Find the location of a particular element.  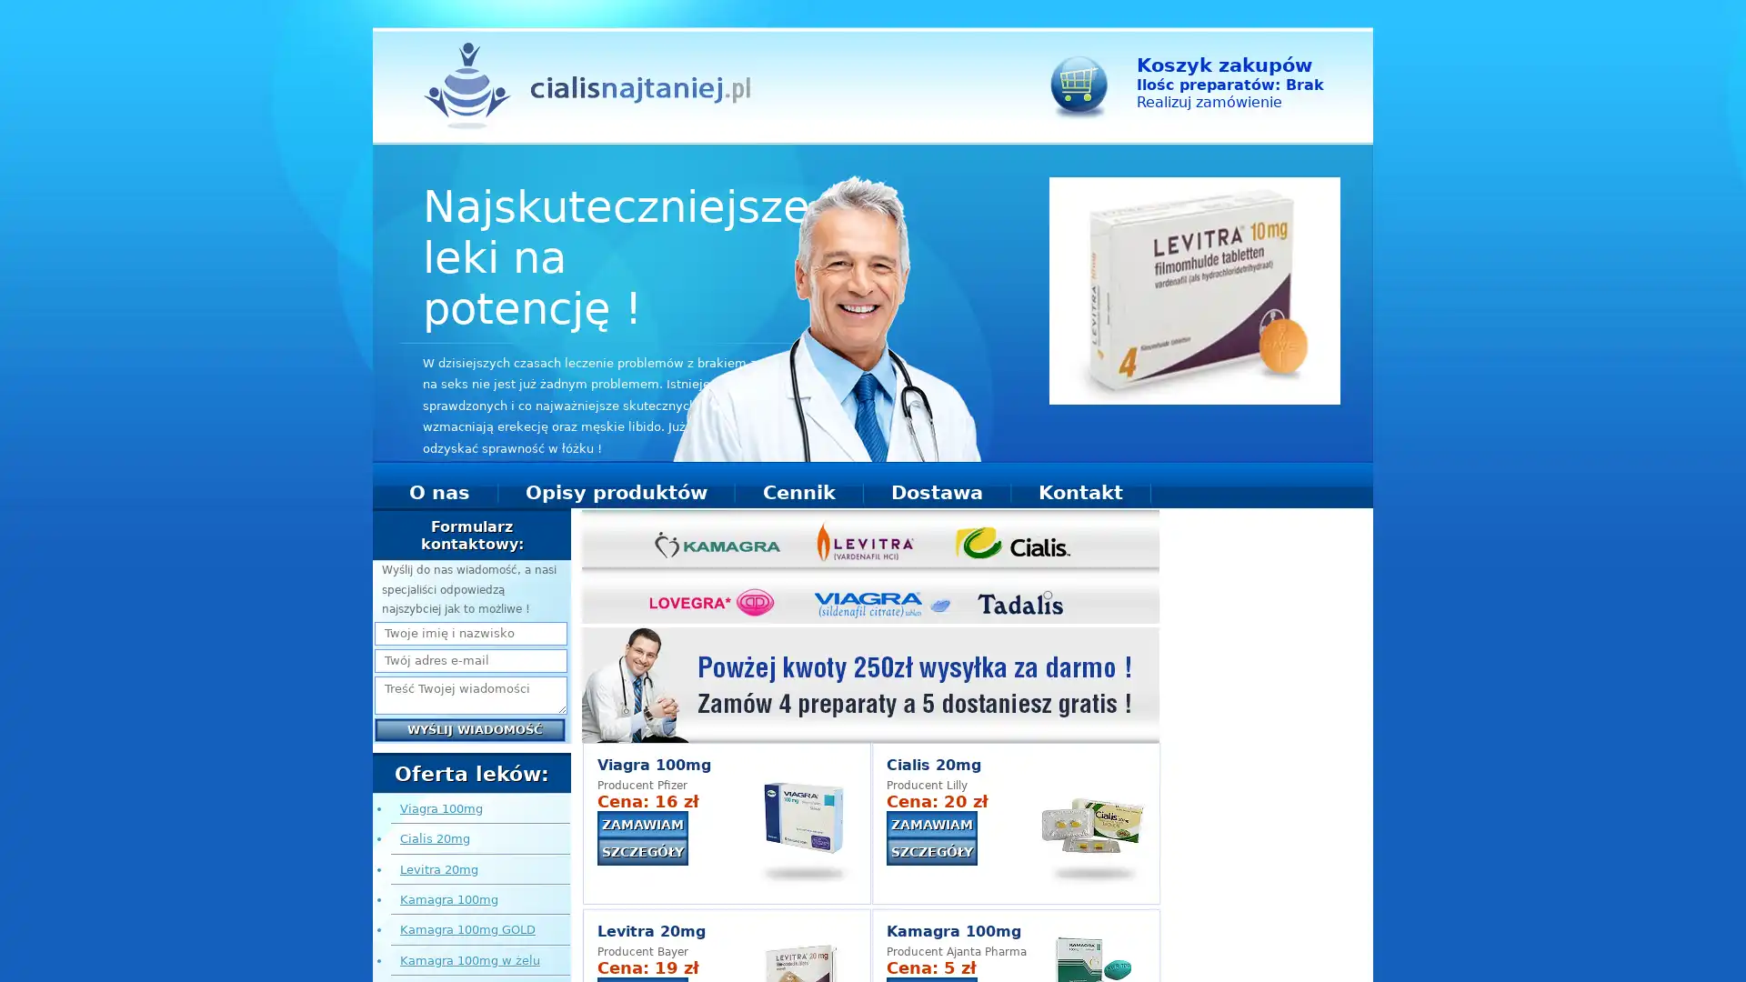

Wyslij wiadomosc is located at coordinates (470, 728).